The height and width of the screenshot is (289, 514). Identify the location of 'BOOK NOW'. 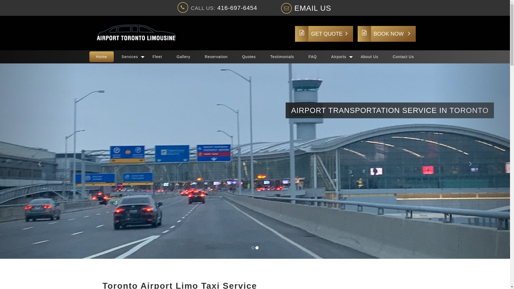
(357, 34).